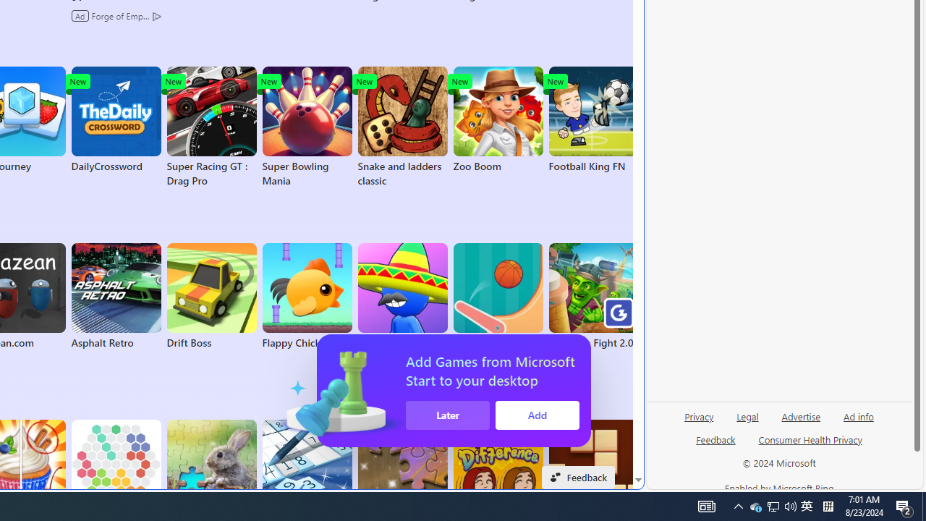  Describe the element at coordinates (211, 296) in the screenshot. I see `'Drift Boss'` at that location.